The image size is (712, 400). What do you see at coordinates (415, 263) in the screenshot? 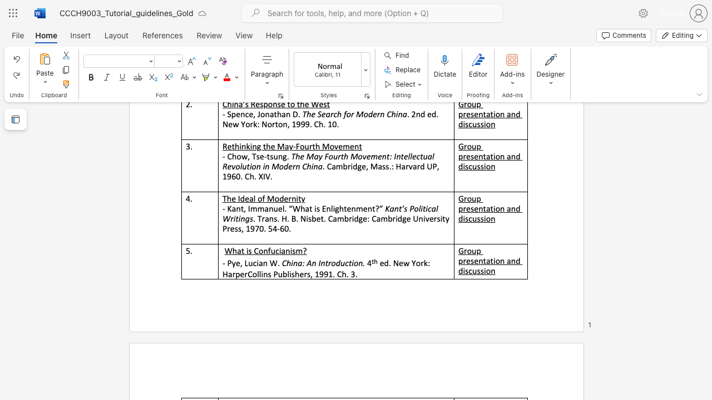
I see `the subset text "ork:" within the text "ed. New York:"` at bounding box center [415, 263].